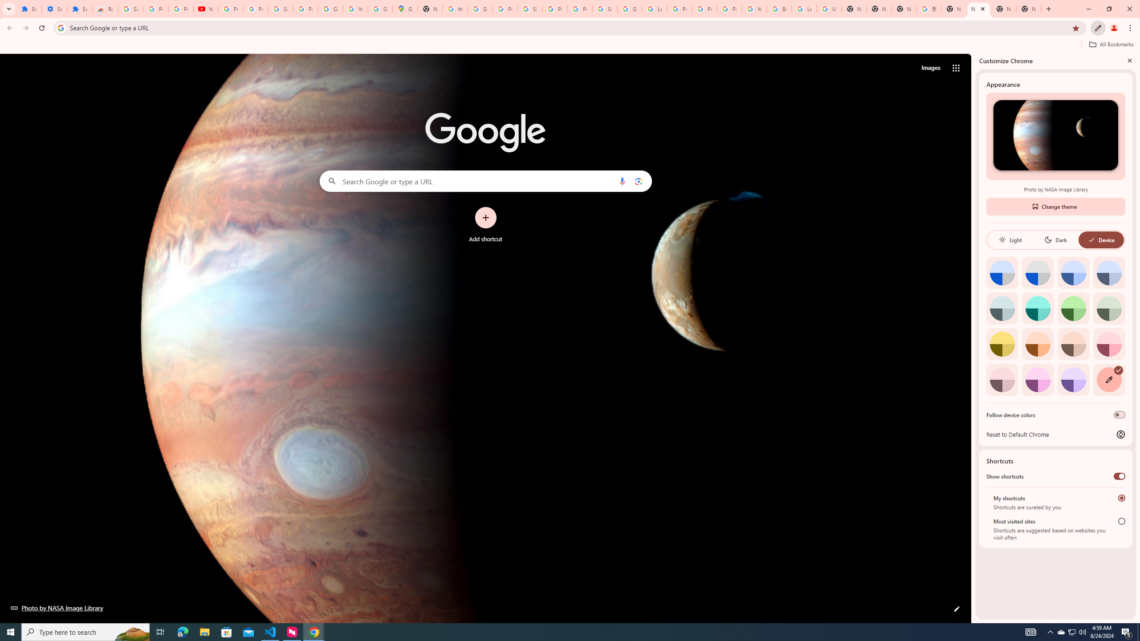 The height and width of the screenshot is (641, 1140). I want to click on 'Blue', so click(1073, 272).